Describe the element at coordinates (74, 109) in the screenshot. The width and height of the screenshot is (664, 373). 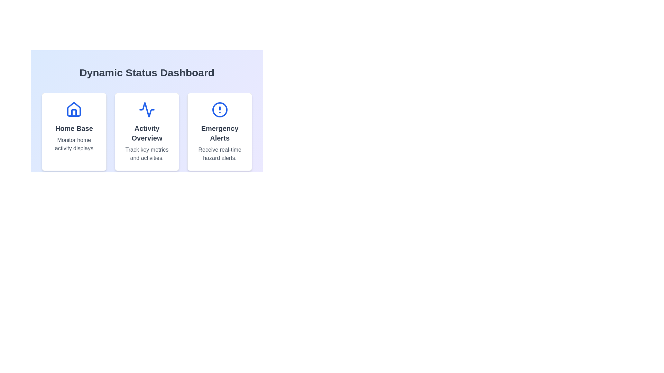
I see `the blue house-shaped icon located above the text 'Home Base', which serves as a visual identifier for the tile` at that location.